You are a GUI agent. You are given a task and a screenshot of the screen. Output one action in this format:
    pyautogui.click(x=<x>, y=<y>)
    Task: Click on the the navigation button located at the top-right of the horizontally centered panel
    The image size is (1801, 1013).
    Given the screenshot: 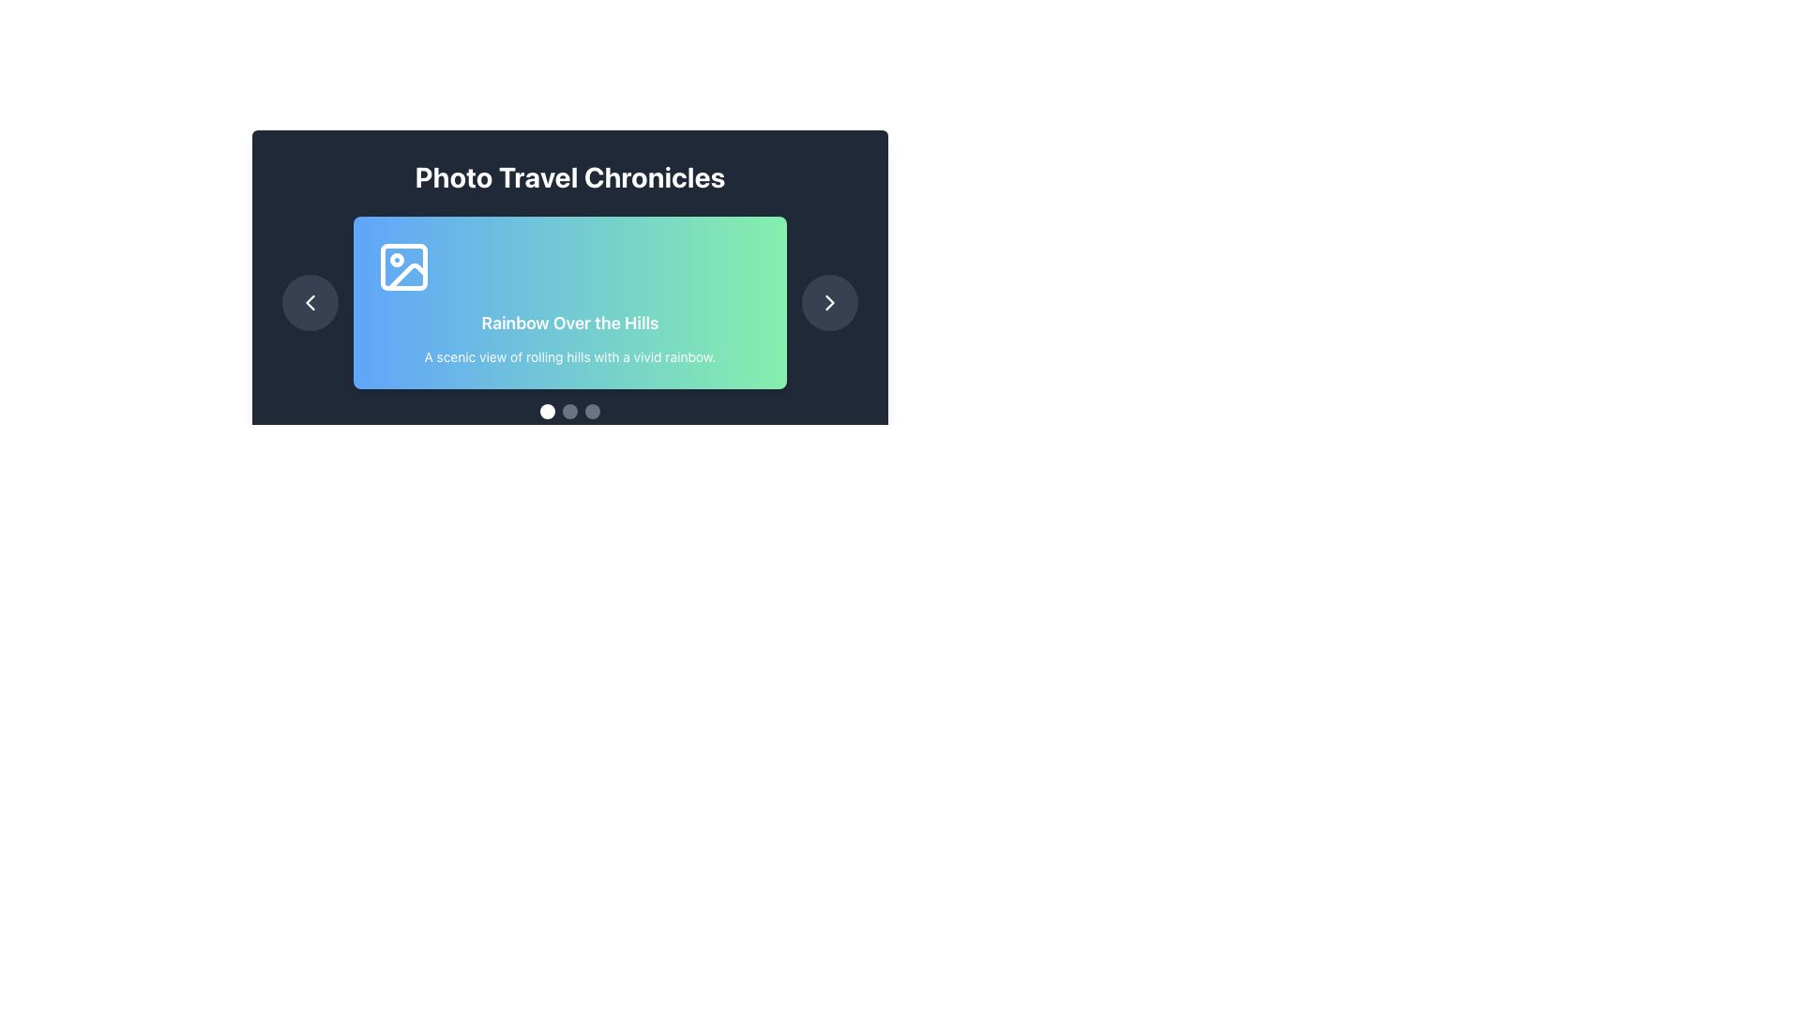 What is the action you would take?
    pyautogui.click(x=828, y=302)
    